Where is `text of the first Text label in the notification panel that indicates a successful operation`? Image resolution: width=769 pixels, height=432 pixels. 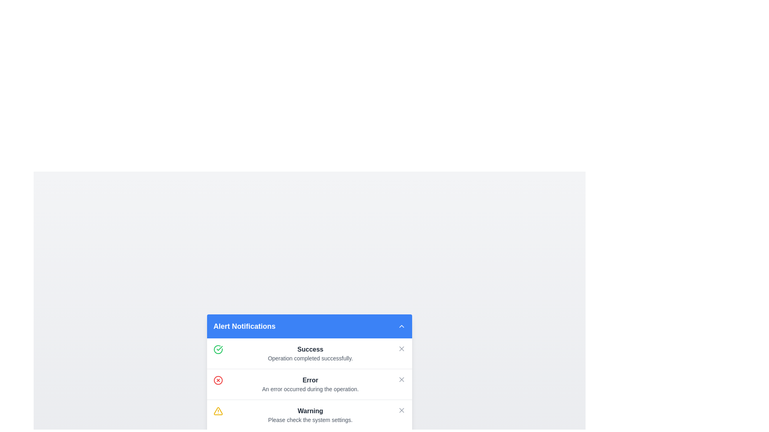 text of the first Text label in the notification panel that indicates a successful operation is located at coordinates (310, 349).